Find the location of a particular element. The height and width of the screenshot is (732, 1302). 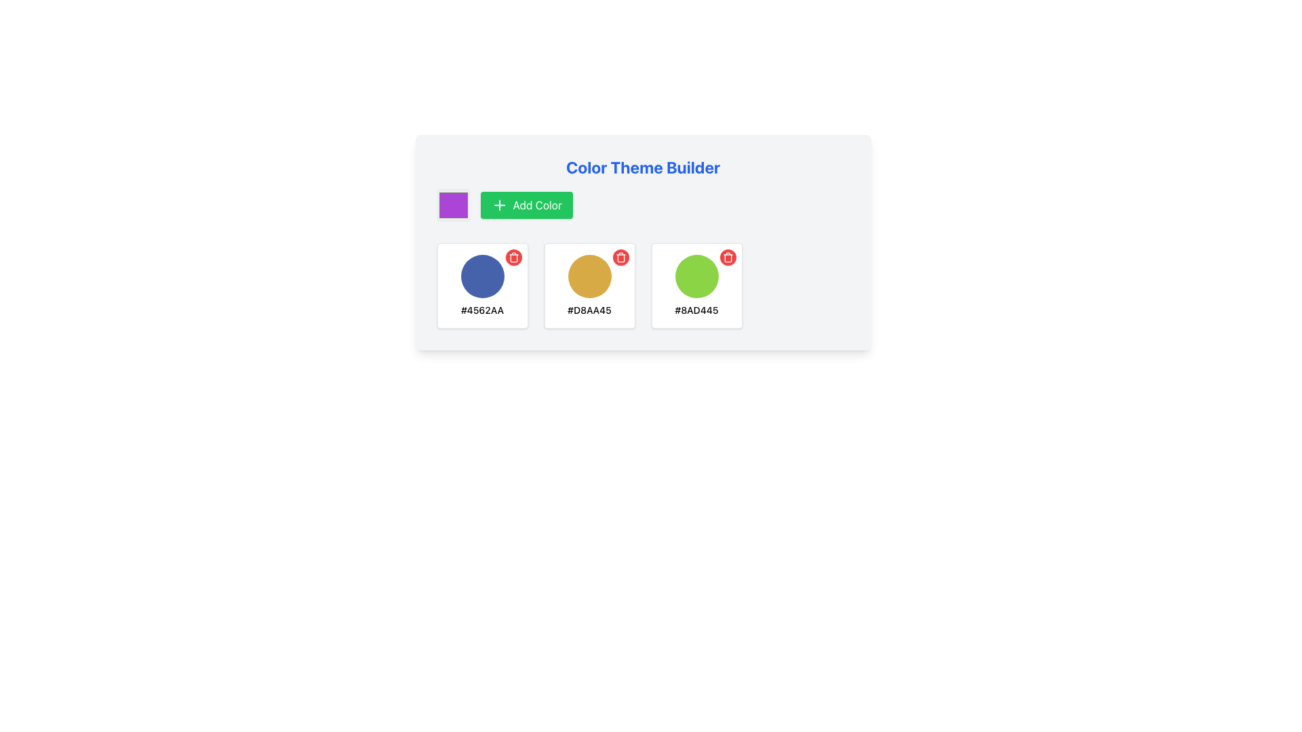

the main rectangular structure of the trash can icon used for delete functionalities, located in the top right corner of the third color card is located at coordinates (513, 258).